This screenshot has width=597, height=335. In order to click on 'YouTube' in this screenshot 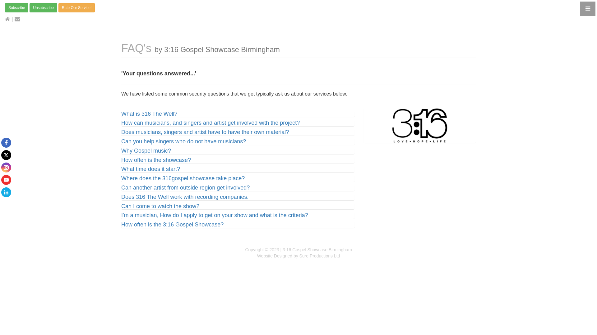, I will do `click(6, 180)`.